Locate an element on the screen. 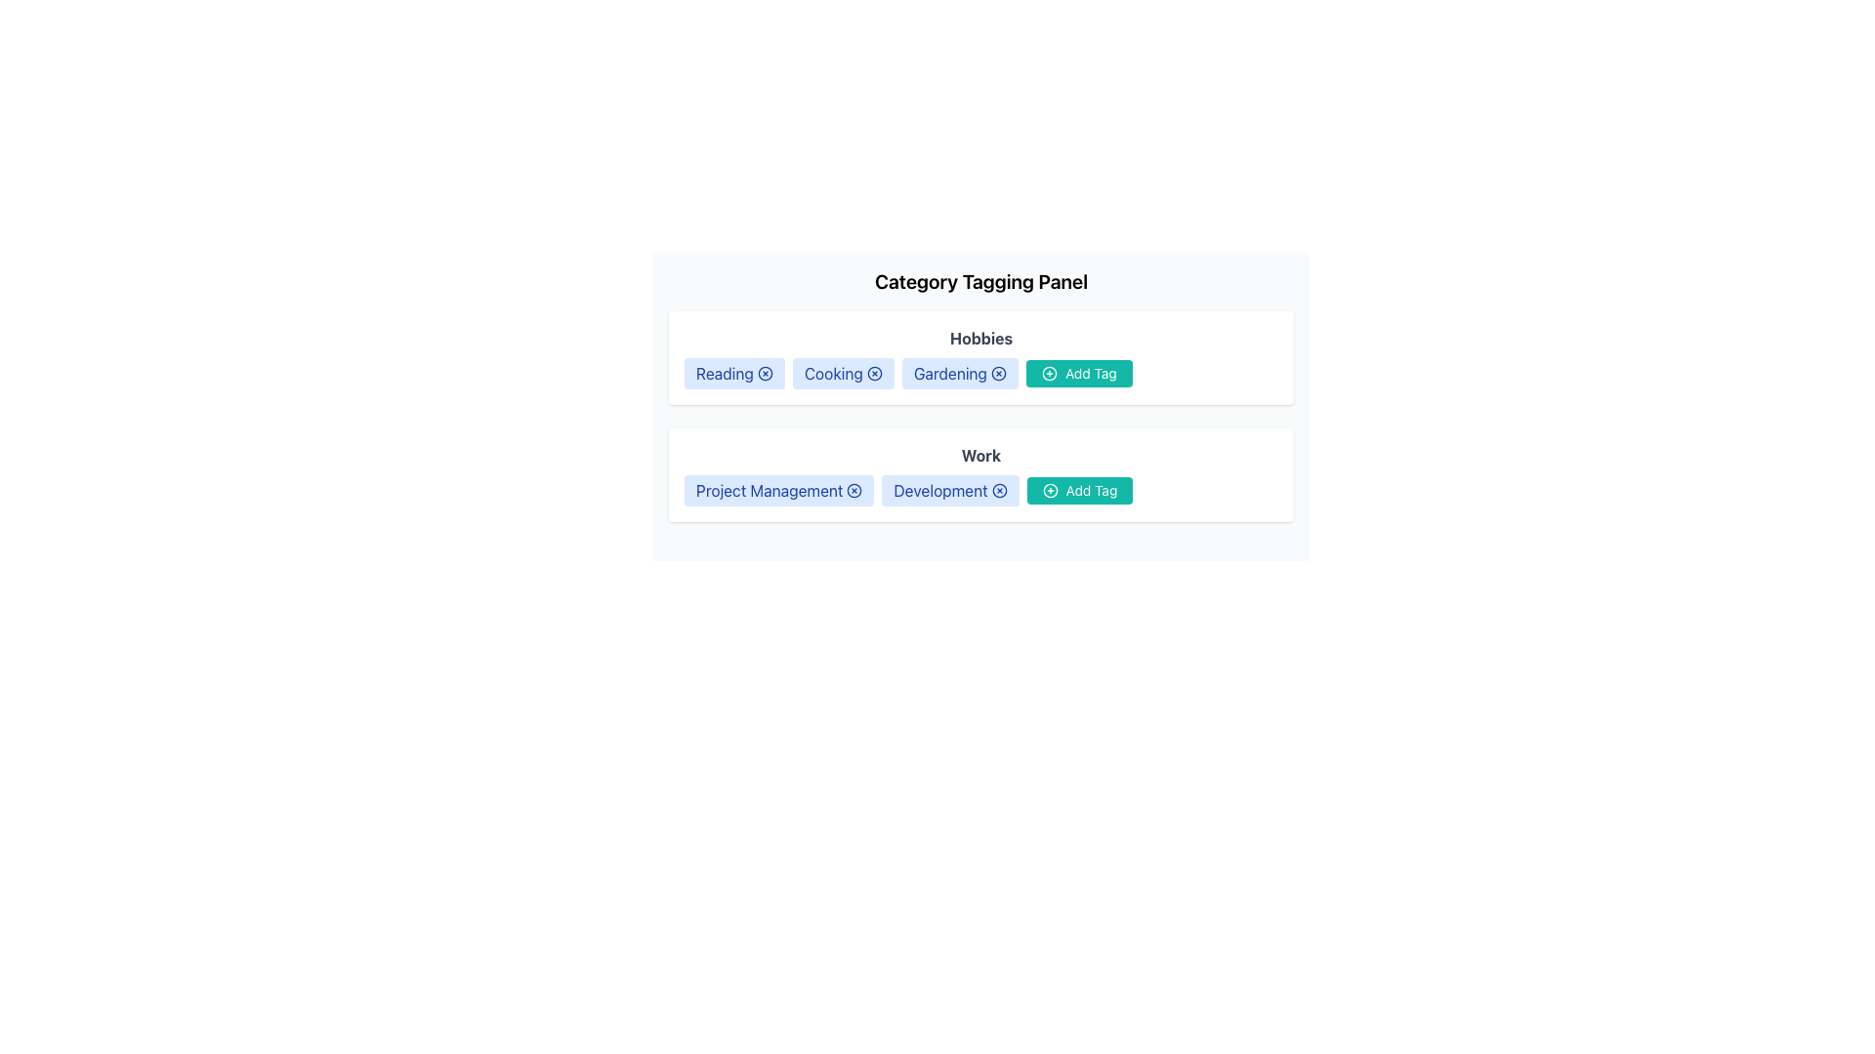  the icon within the 'Add Tag' button in the 'Work' category is located at coordinates (1049, 489).